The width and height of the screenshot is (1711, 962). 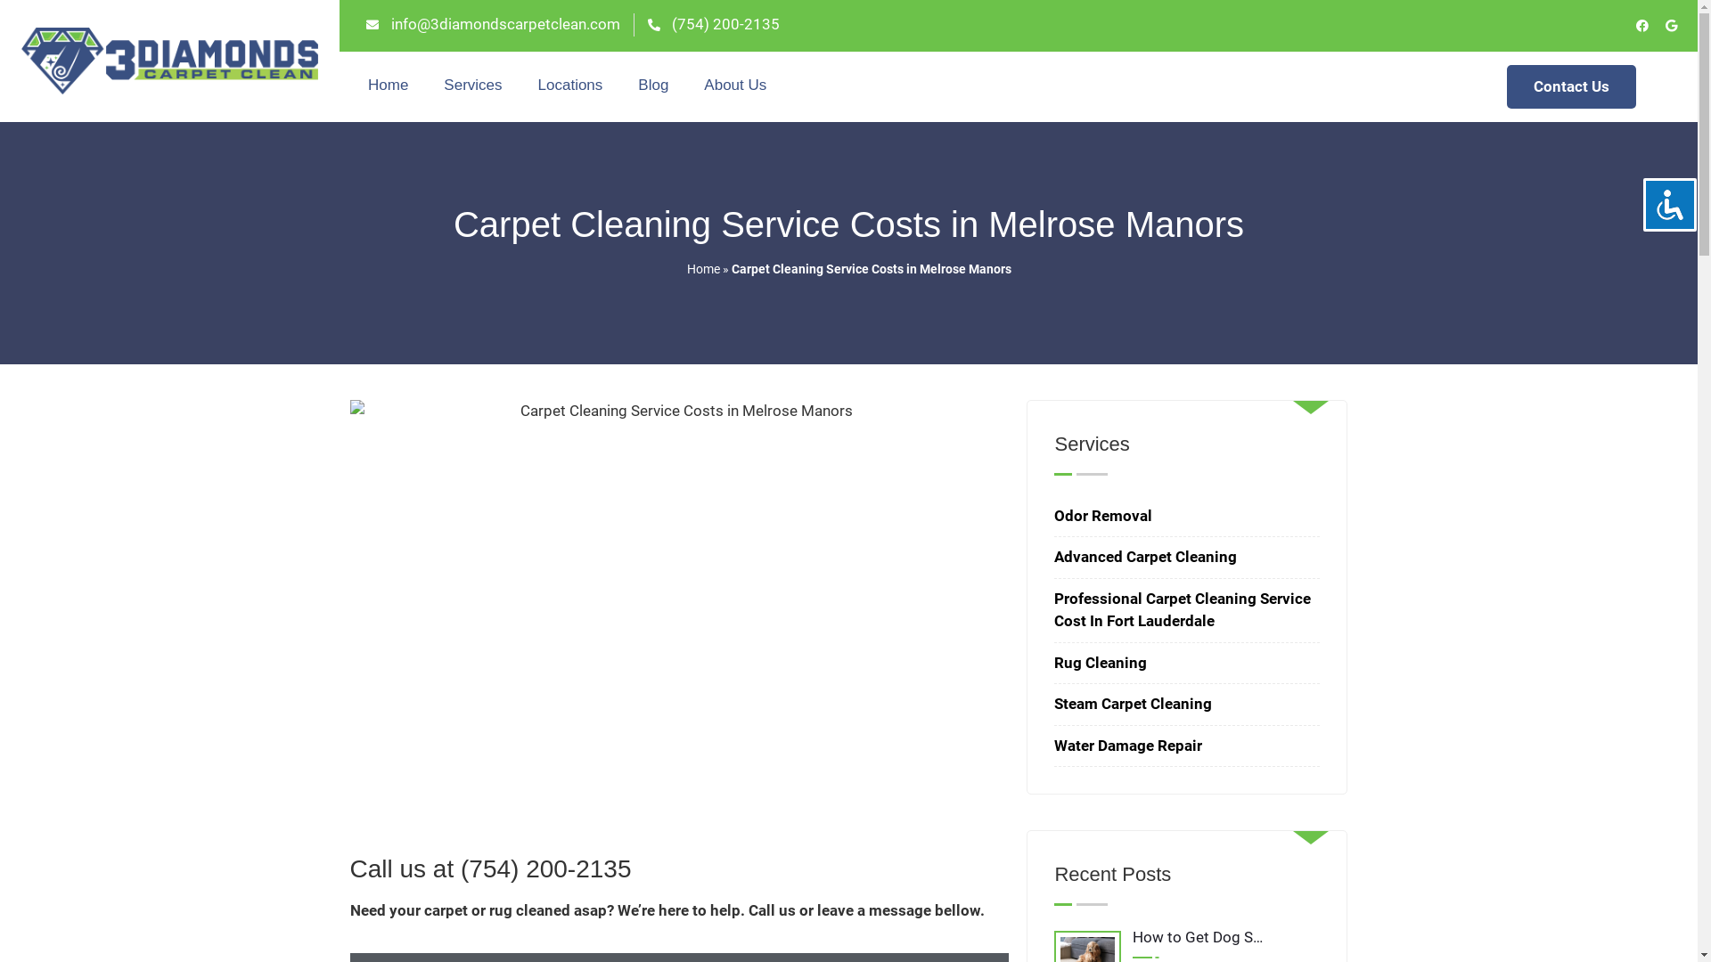 I want to click on 'Blog', so click(x=652, y=86).